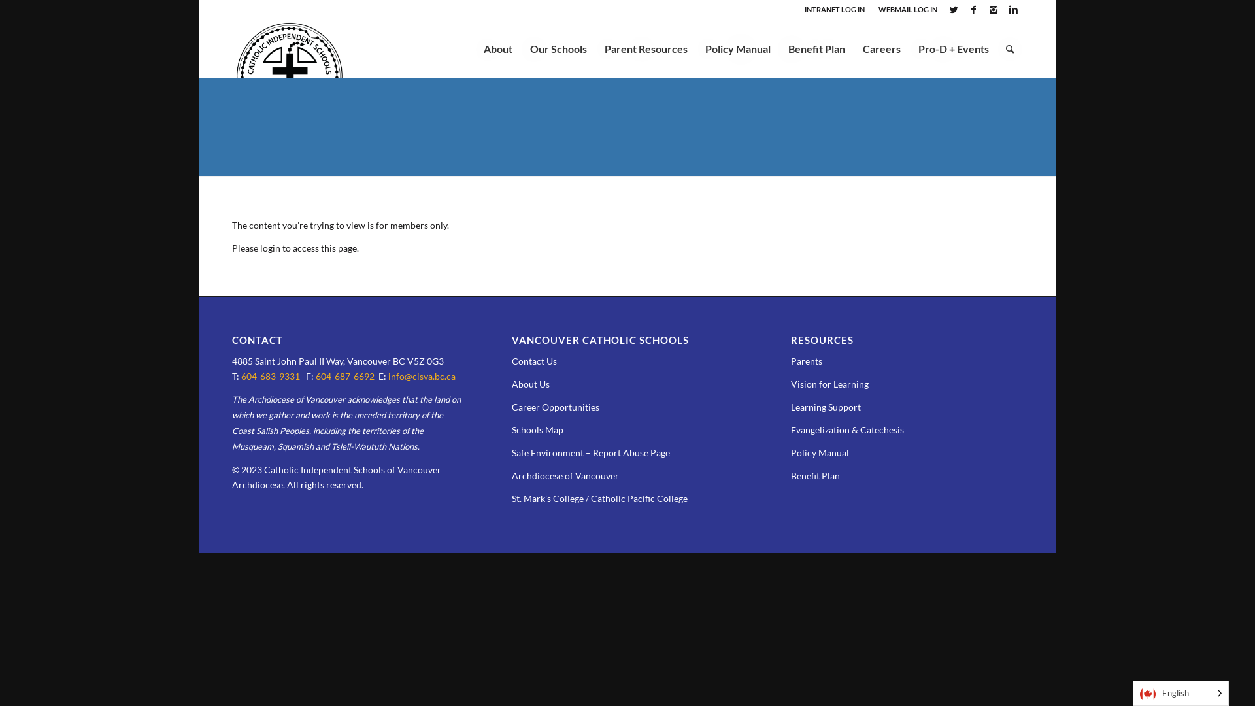  I want to click on 'login', so click(269, 248).